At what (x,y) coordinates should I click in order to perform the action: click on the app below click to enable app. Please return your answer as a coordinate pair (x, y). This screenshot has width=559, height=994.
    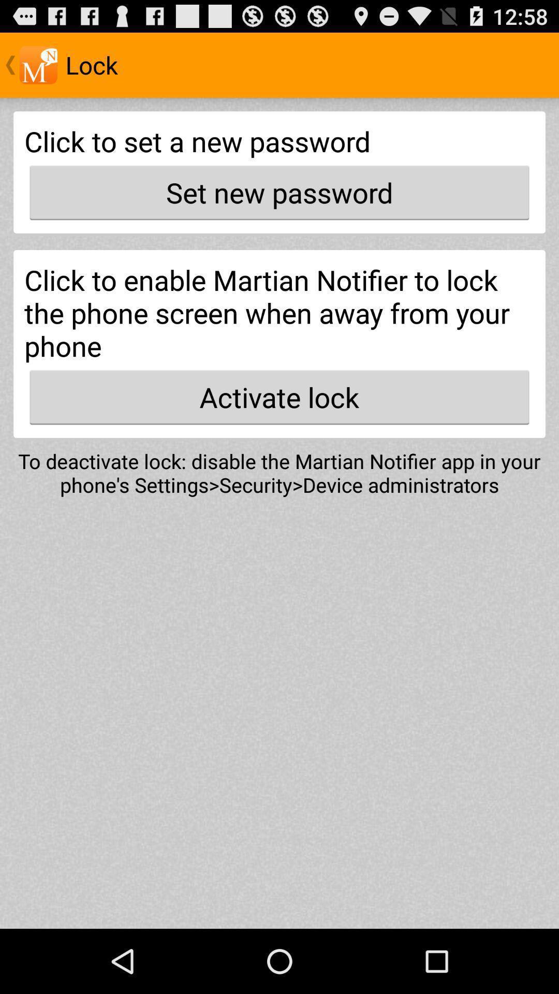
    Looking at the image, I should click on (279, 397).